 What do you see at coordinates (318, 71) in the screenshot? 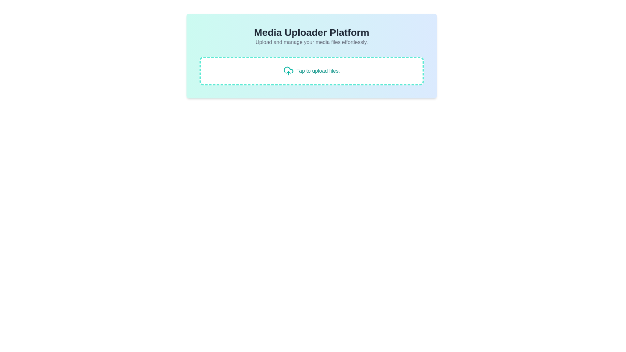
I see `the Text Label that instructs users to interact with the upload functionality, located to the right of the cloud-upload icon` at bounding box center [318, 71].